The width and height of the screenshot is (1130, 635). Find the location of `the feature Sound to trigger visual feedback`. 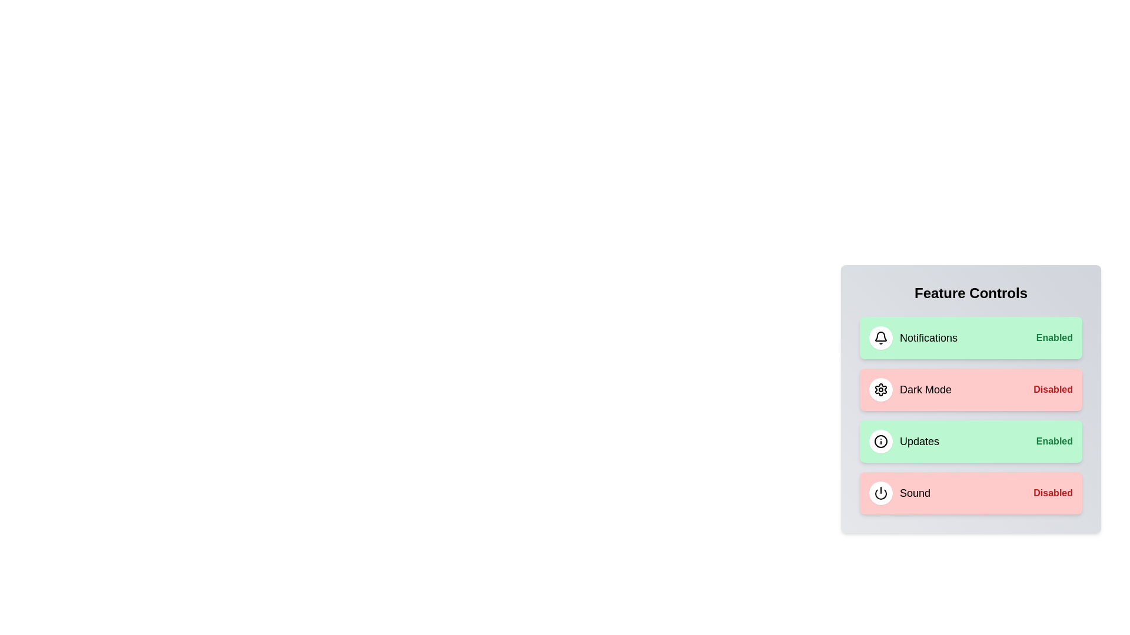

the feature Sound to trigger visual feedback is located at coordinates (971, 493).